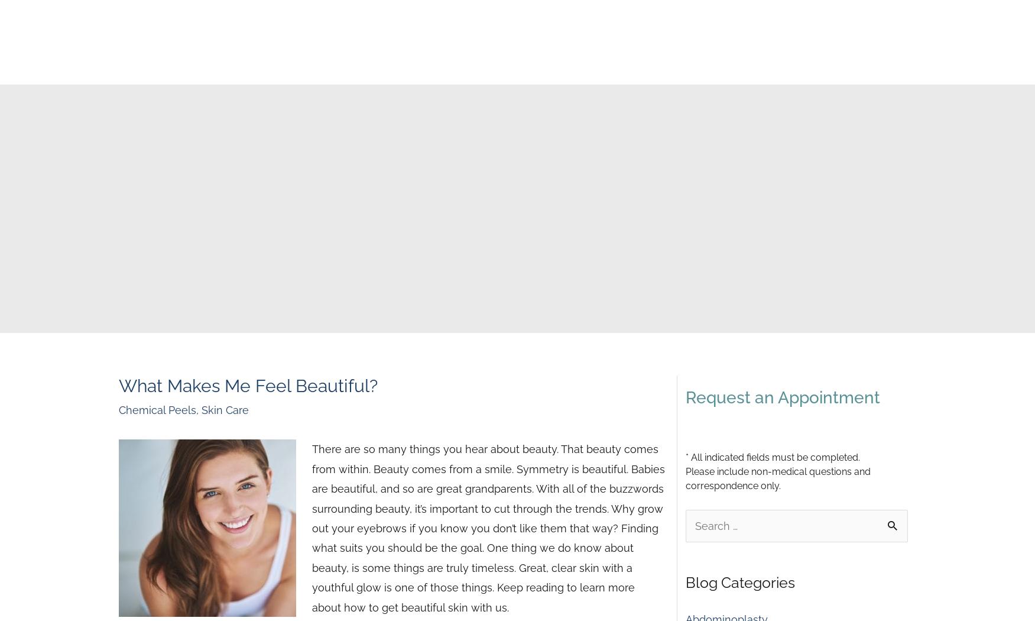  I want to click on 'October 2014', so click(718, 101).